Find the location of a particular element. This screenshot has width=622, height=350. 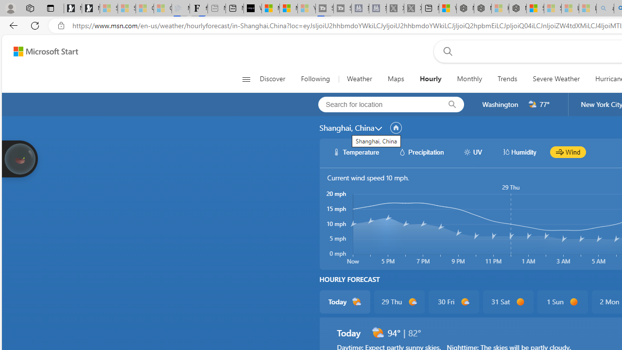

'Severe Weather' is located at coordinates (556, 79).